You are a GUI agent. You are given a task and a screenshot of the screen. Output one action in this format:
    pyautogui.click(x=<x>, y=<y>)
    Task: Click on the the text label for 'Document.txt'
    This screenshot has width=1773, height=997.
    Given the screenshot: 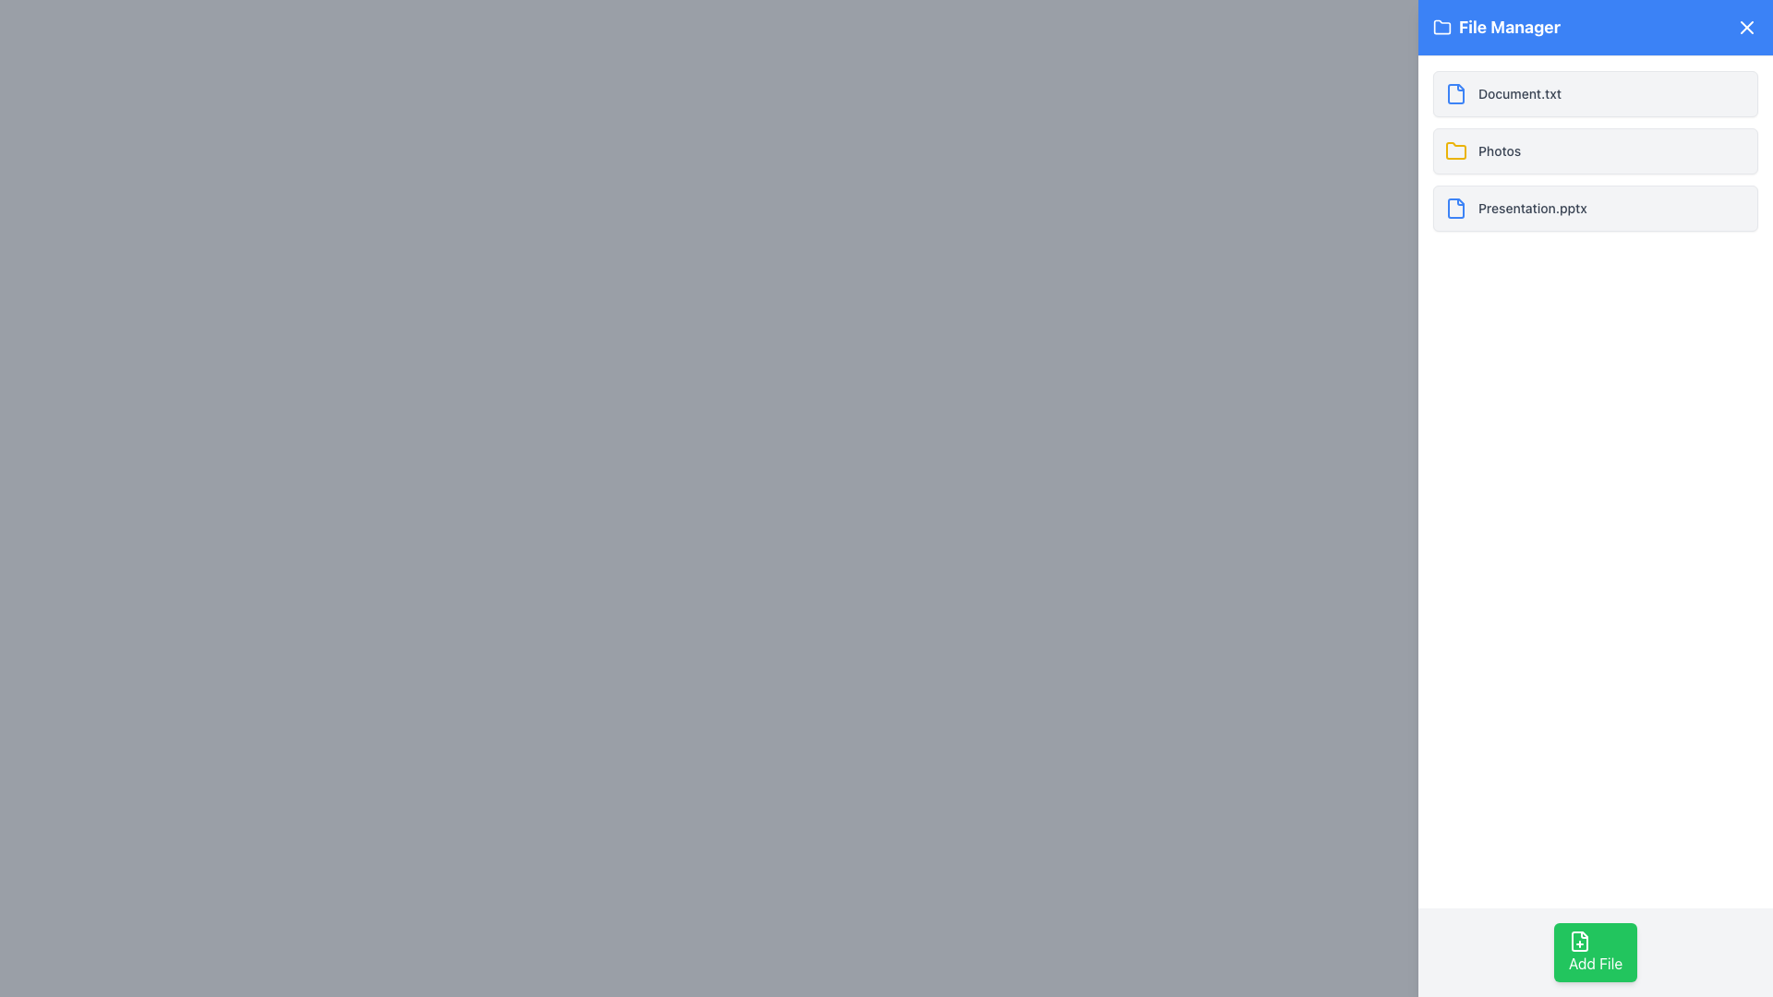 What is the action you would take?
    pyautogui.click(x=1520, y=93)
    